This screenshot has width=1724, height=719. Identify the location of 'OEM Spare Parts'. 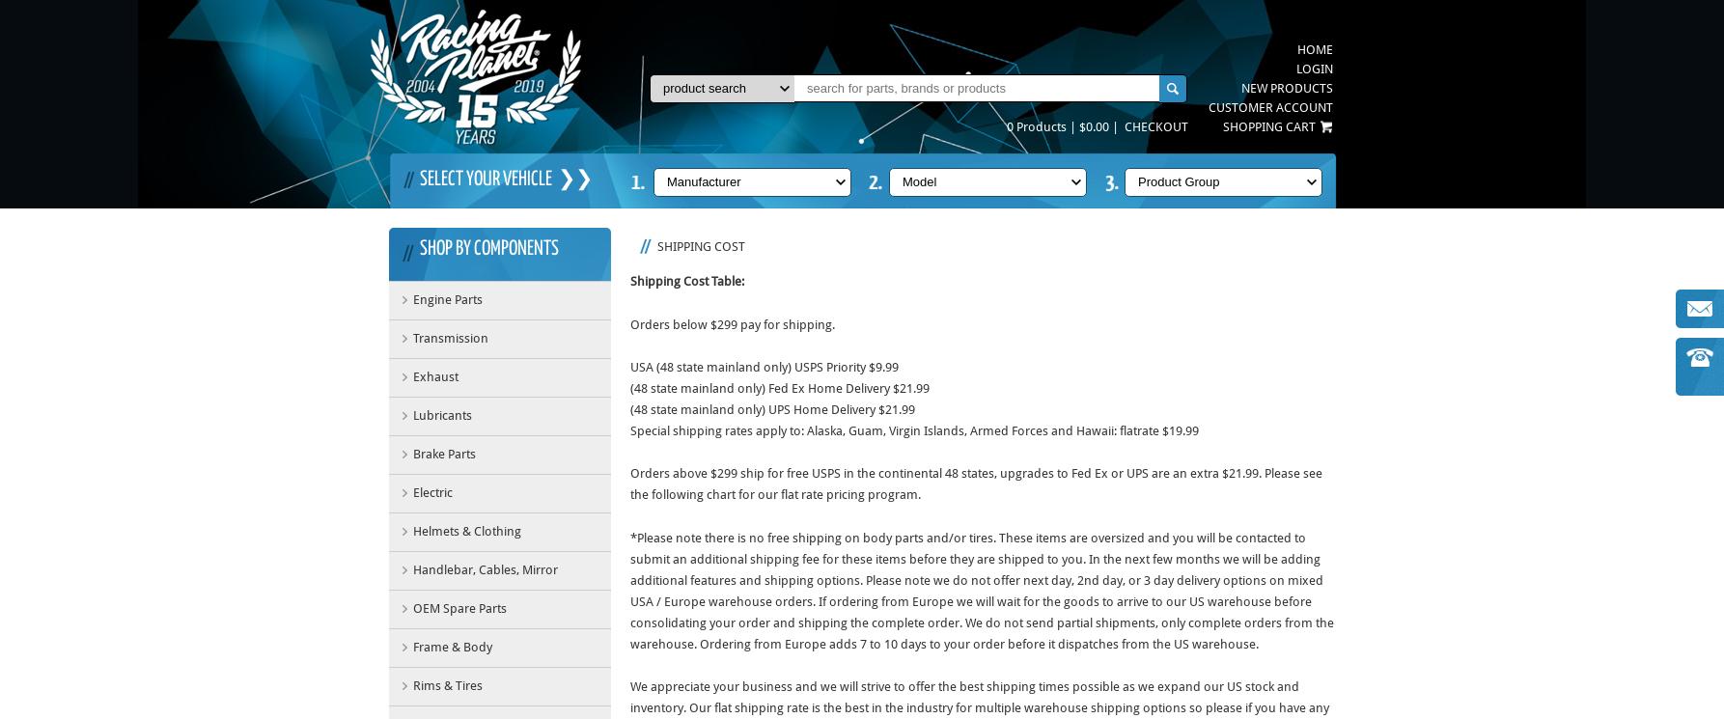
(459, 608).